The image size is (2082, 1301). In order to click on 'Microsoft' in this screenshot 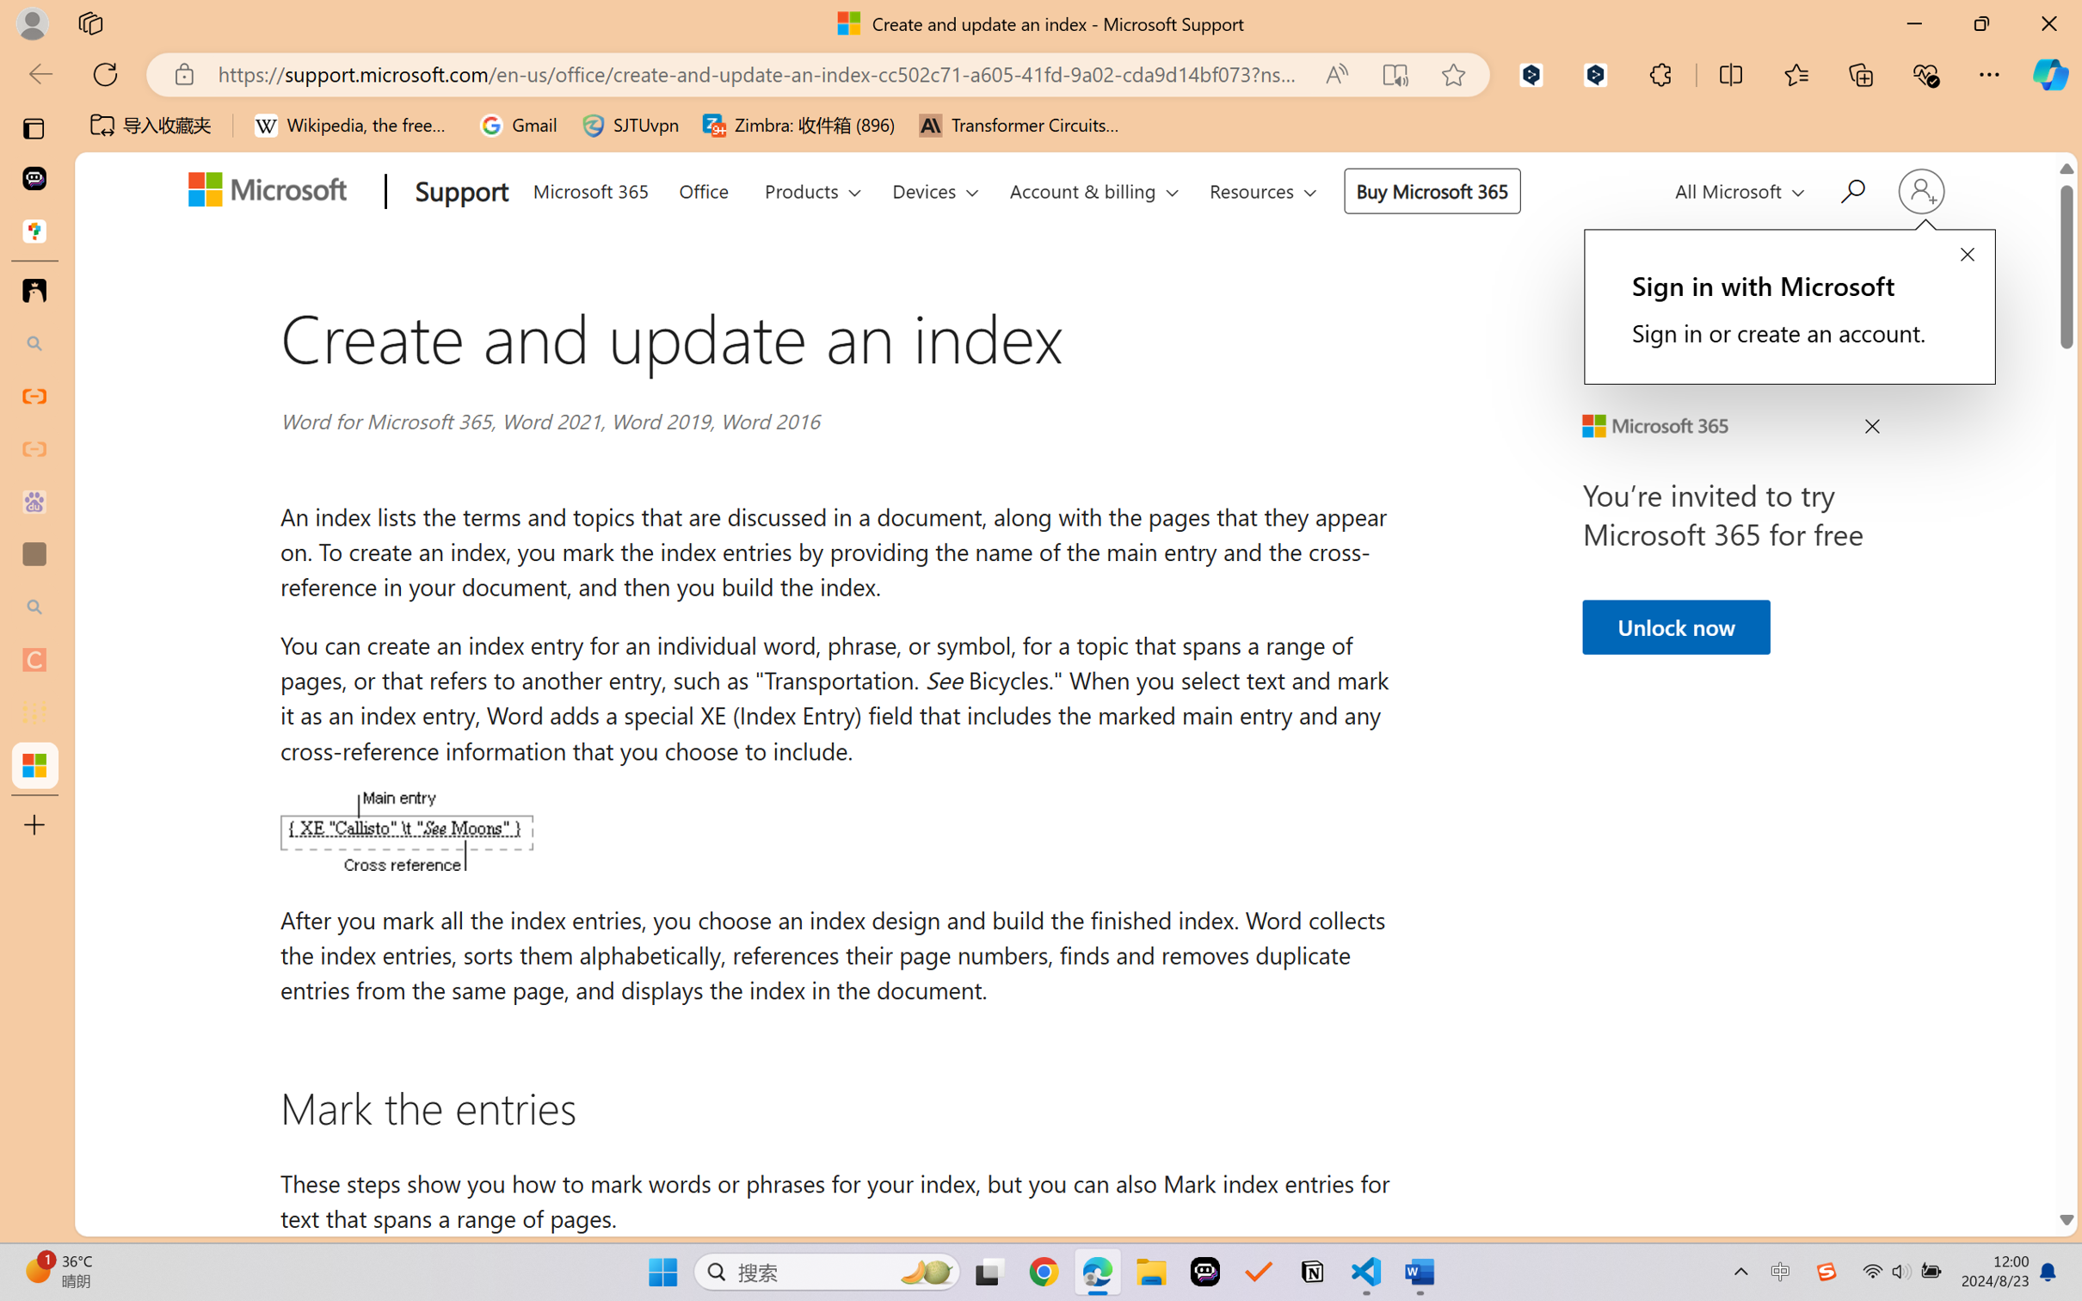, I will do `click(273, 193)`.